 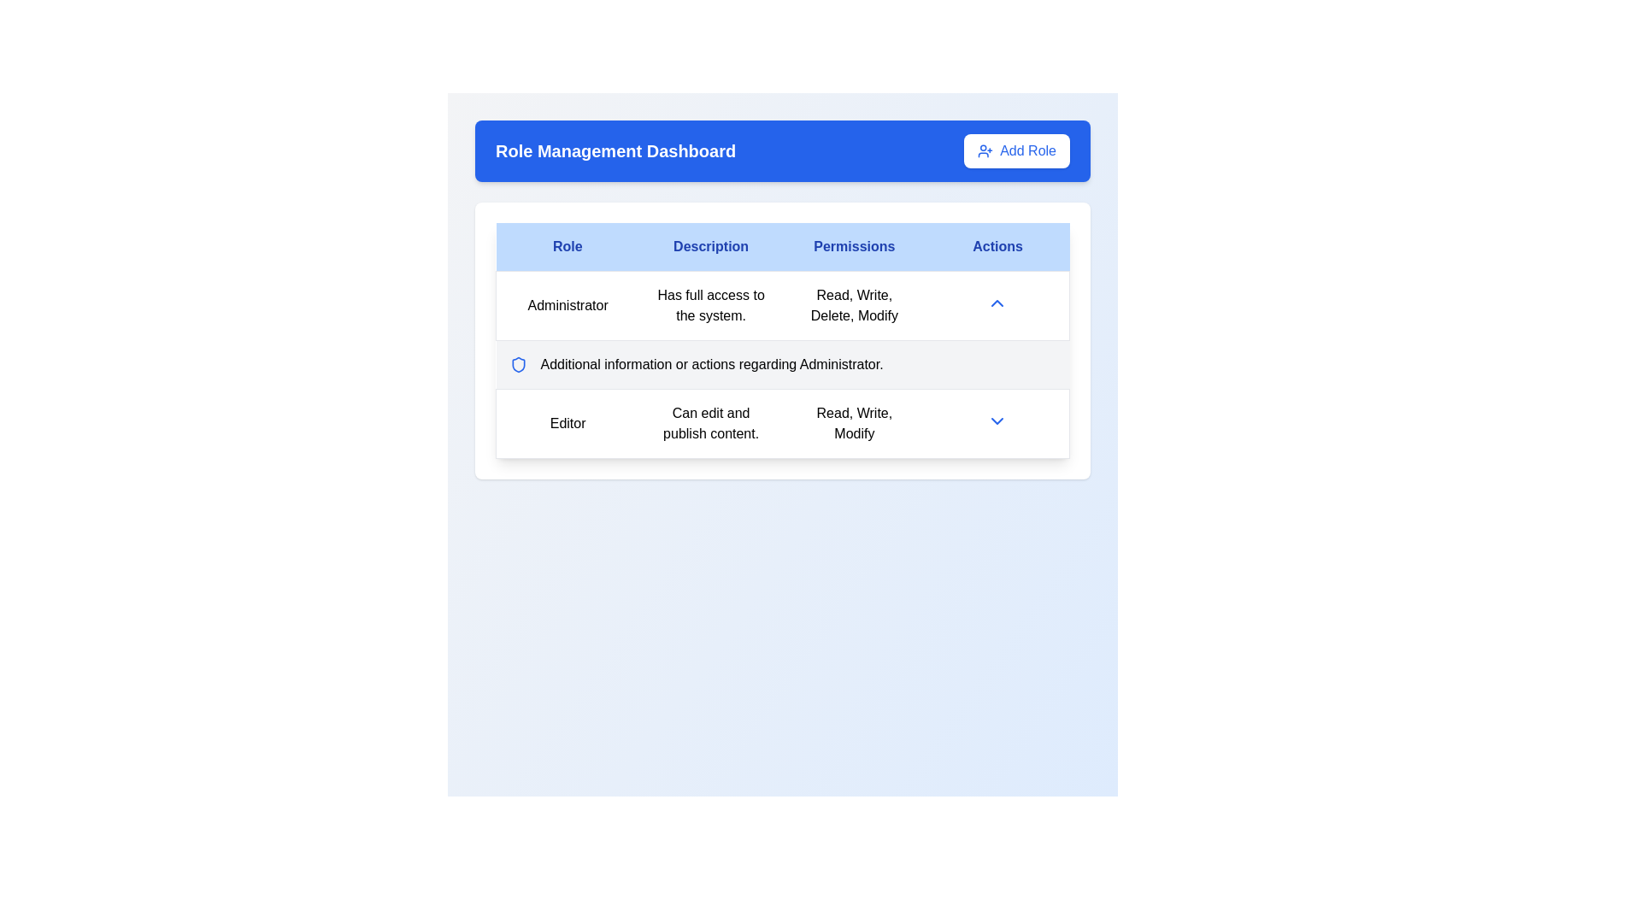 I want to click on the downward-facing blue chevron icon in the 'Actions' column of the second row in the role management dashboard, so click(x=997, y=420).